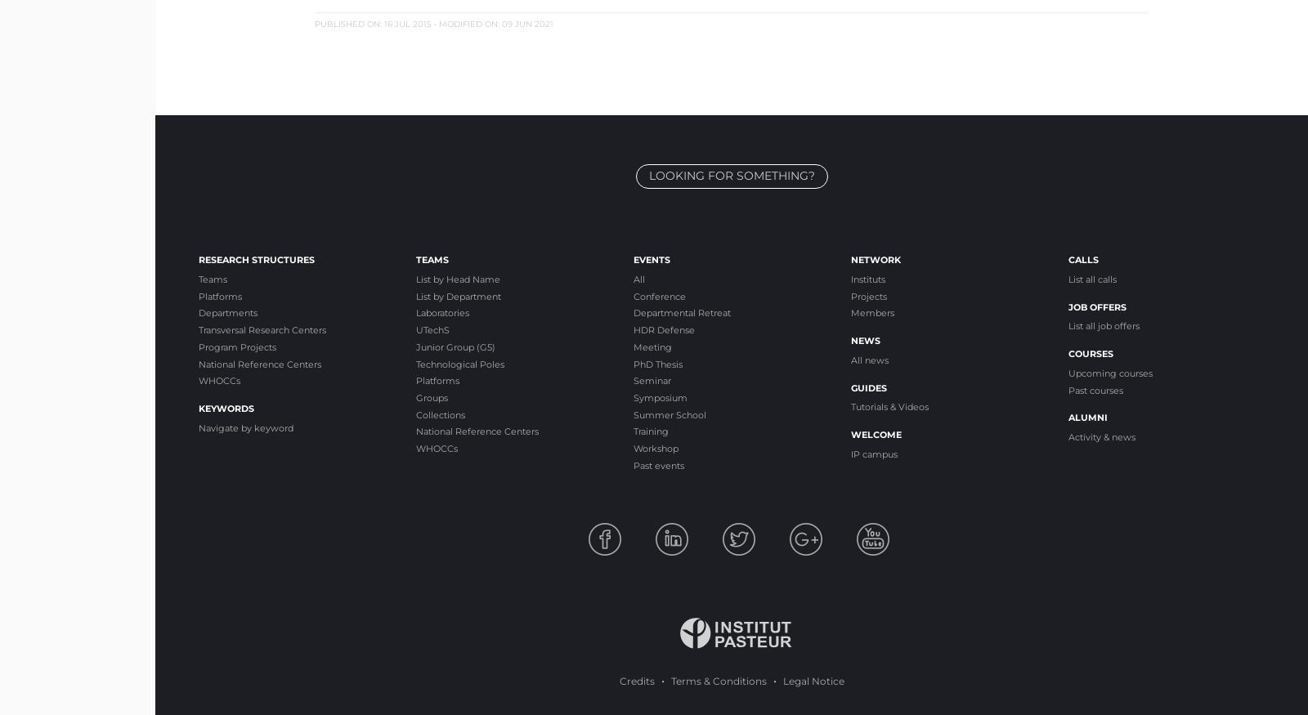 The image size is (1308, 715). What do you see at coordinates (850, 433) in the screenshot?
I see `'Welcome'` at bounding box center [850, 433].